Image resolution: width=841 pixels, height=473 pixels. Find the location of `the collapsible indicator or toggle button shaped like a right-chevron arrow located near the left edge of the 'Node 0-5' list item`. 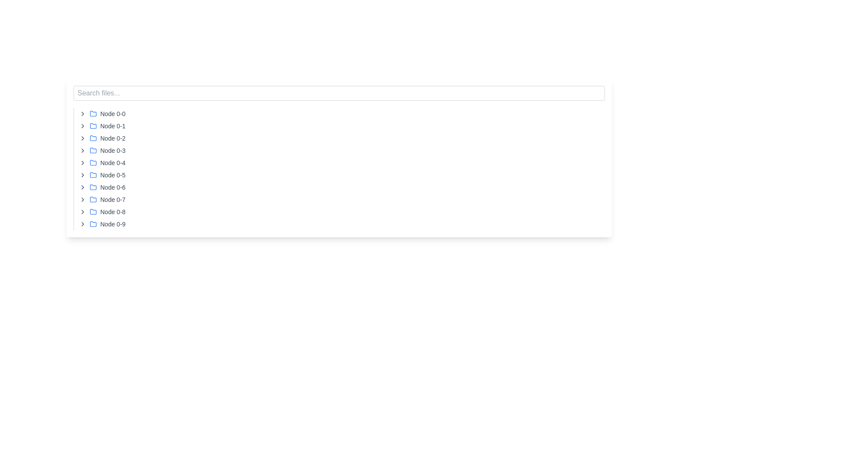

the collapsible indicator or toggle button shaped like a right-chevron arrow located near the left edge of the 'Node 0-5' list item is located at coordinates (82, 175).